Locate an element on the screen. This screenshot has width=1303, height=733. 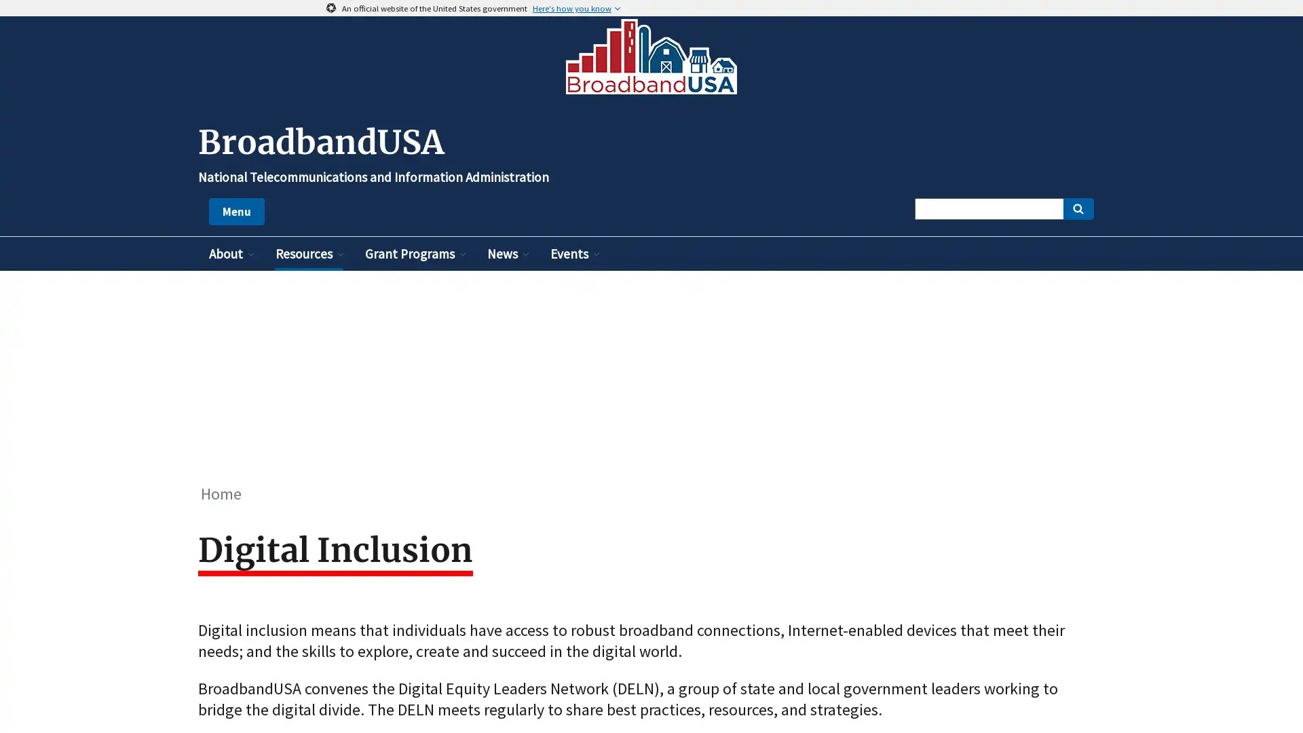
Menu is located at coordinates (237, 212).